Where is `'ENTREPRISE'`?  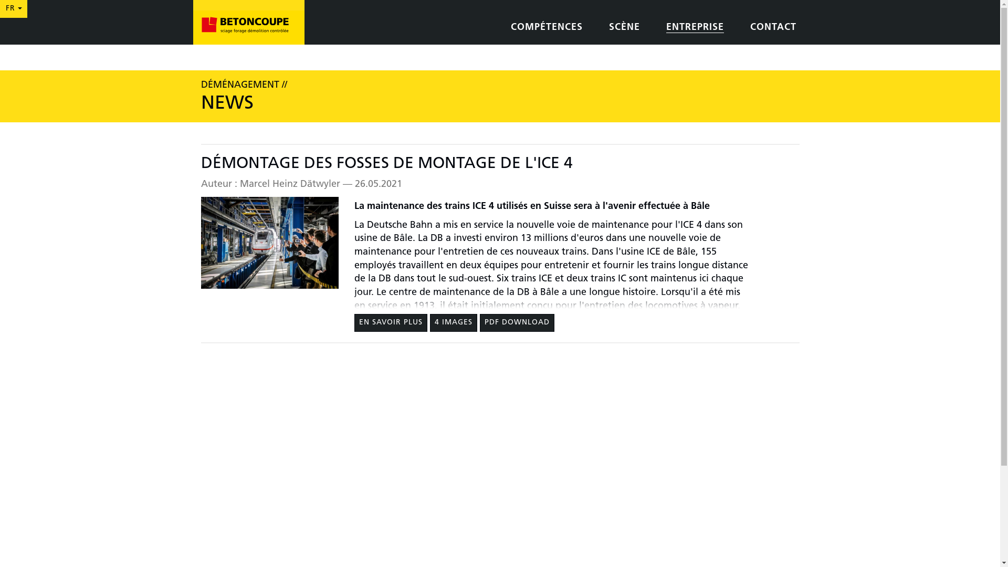
'ENTREPRISE' is located at coordinates (695, 27).